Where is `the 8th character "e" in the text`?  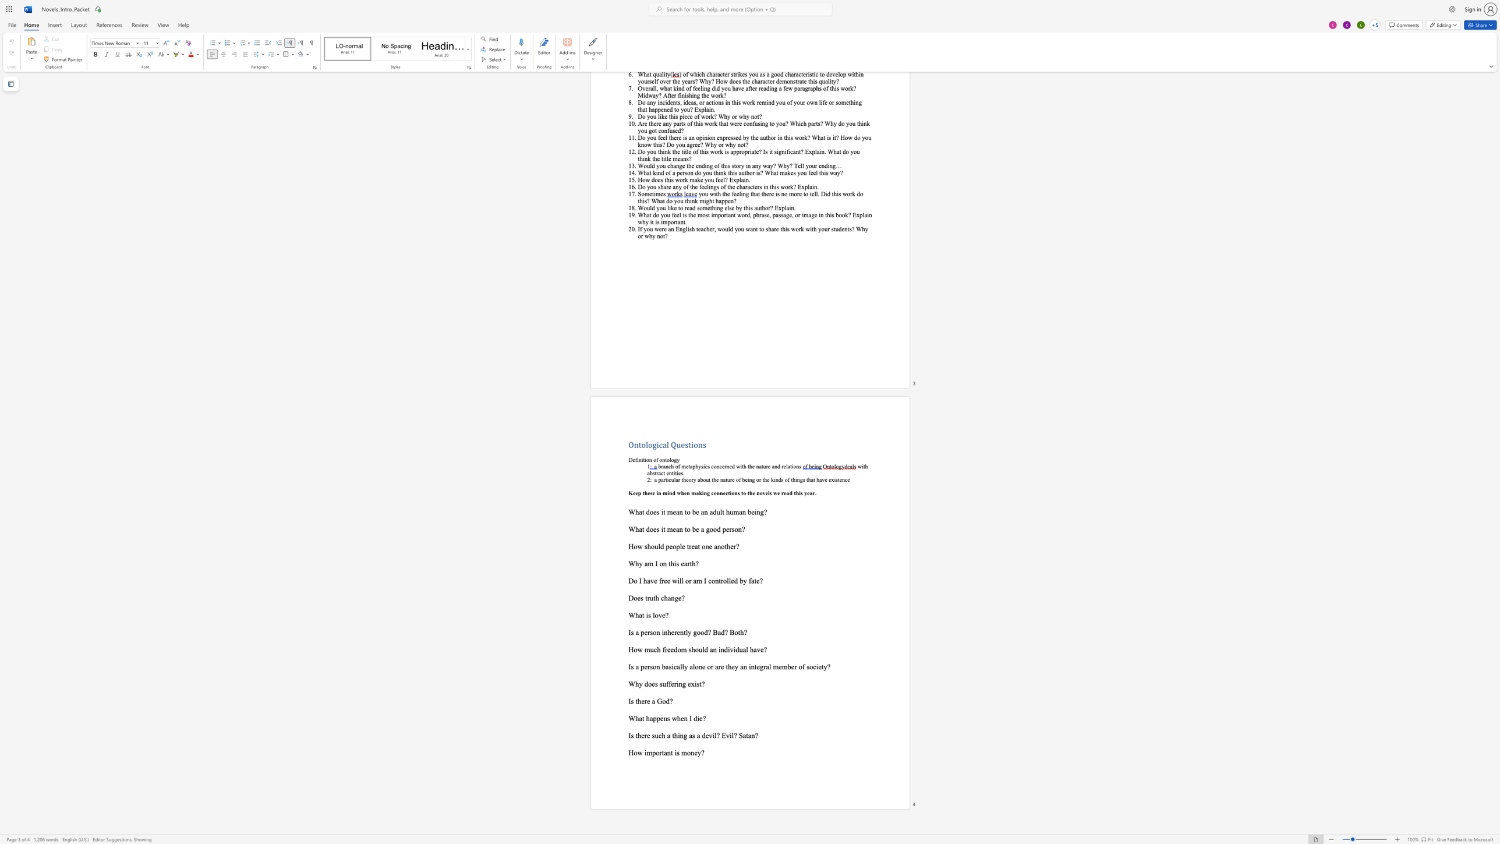 the 8th character "e" in the text is located at coordinates (766, 493).